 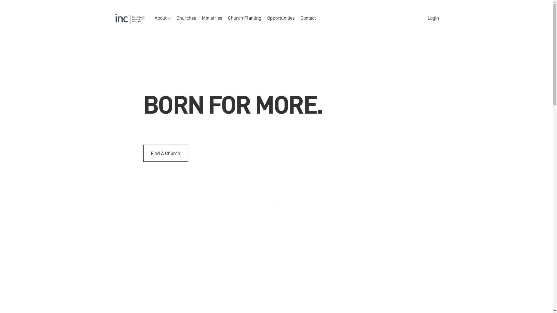 What do you see at coordinates (165, 153) in the screenshot?
I see `'Find A Church'` at bounding box center [165, 153].